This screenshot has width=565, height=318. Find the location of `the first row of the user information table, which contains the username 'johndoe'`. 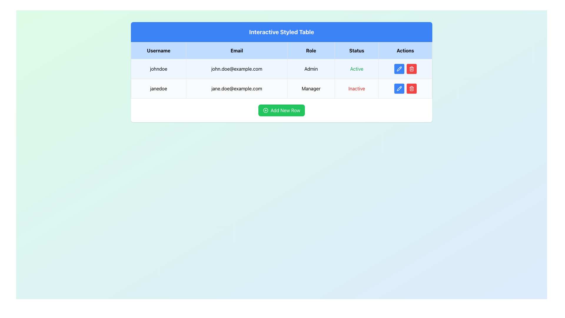

the first row of the user information table, which contains the username 'johndoe' is located at coordinates (281, 69).